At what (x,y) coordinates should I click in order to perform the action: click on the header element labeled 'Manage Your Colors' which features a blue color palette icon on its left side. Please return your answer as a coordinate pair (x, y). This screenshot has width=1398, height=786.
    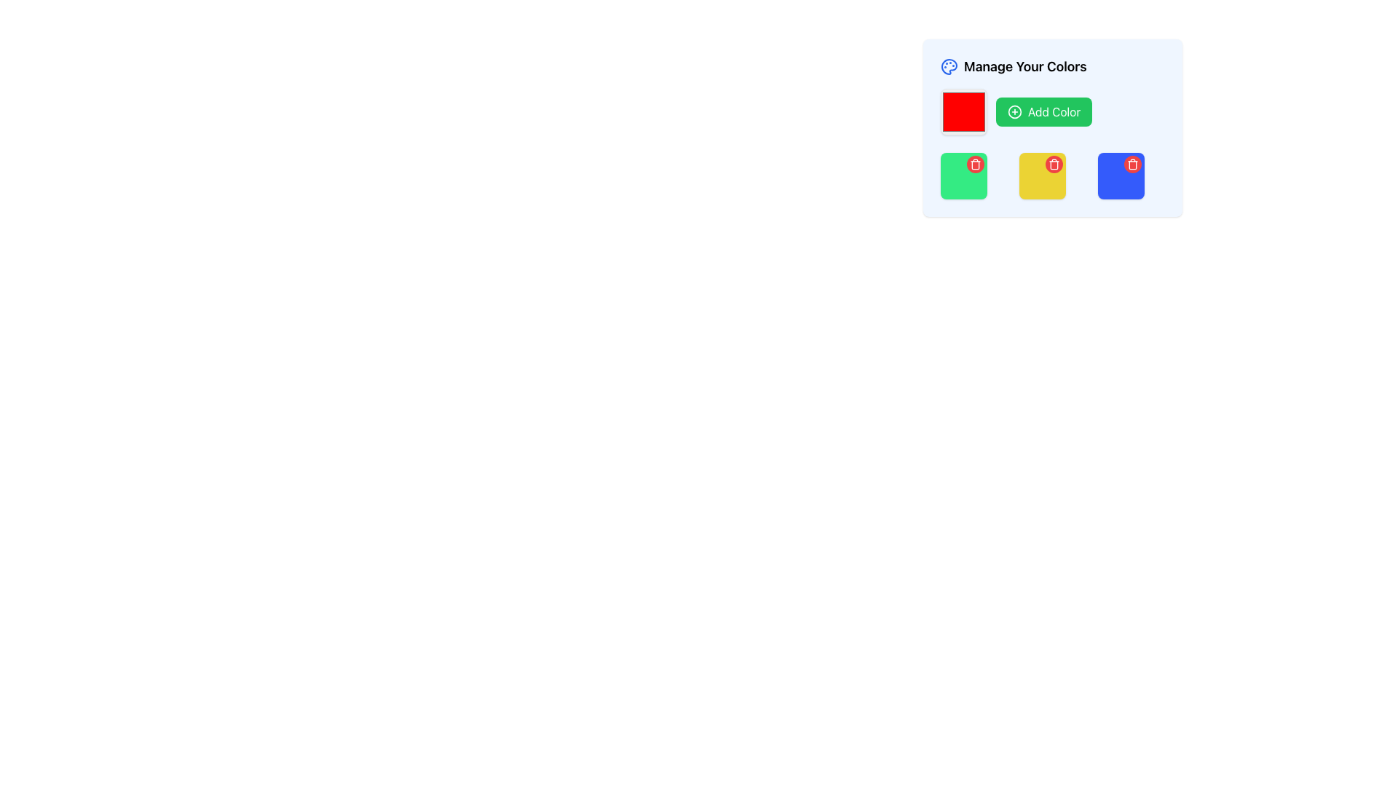
    Looking at the image, I should click on (1052, 67).